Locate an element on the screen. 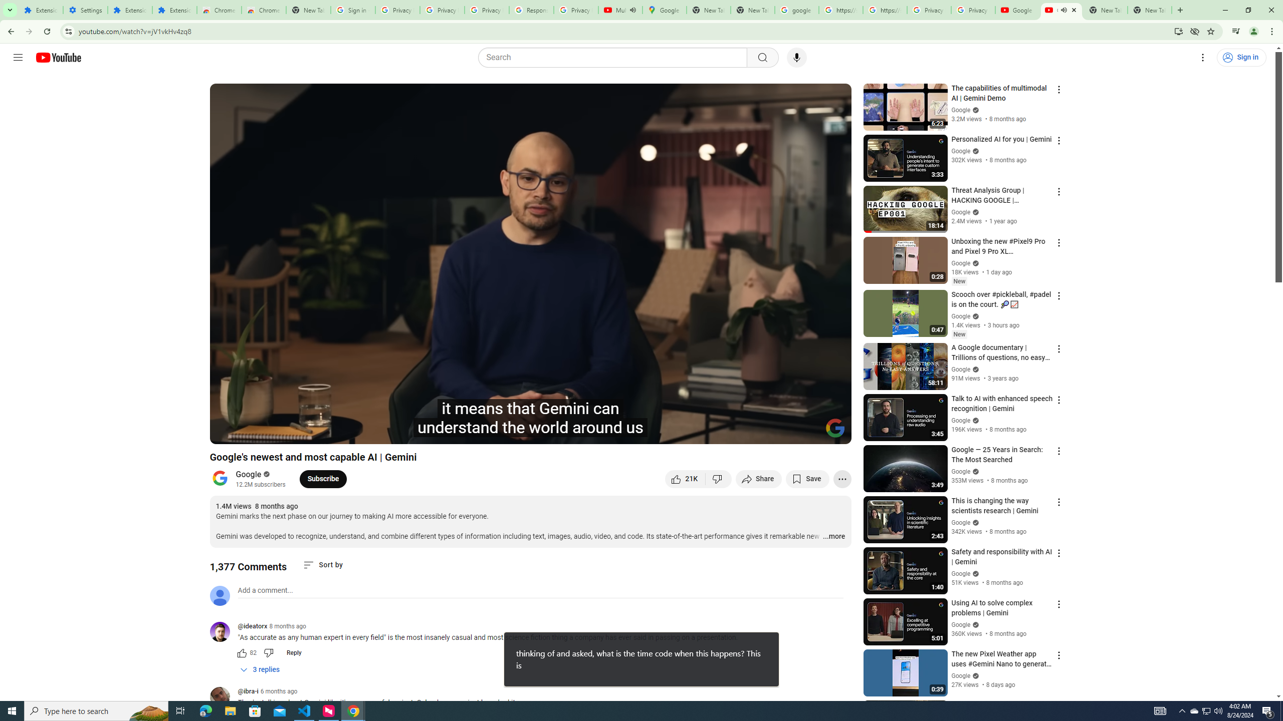  'https://scholar.google.com/' is located at coordinates (885, 10).